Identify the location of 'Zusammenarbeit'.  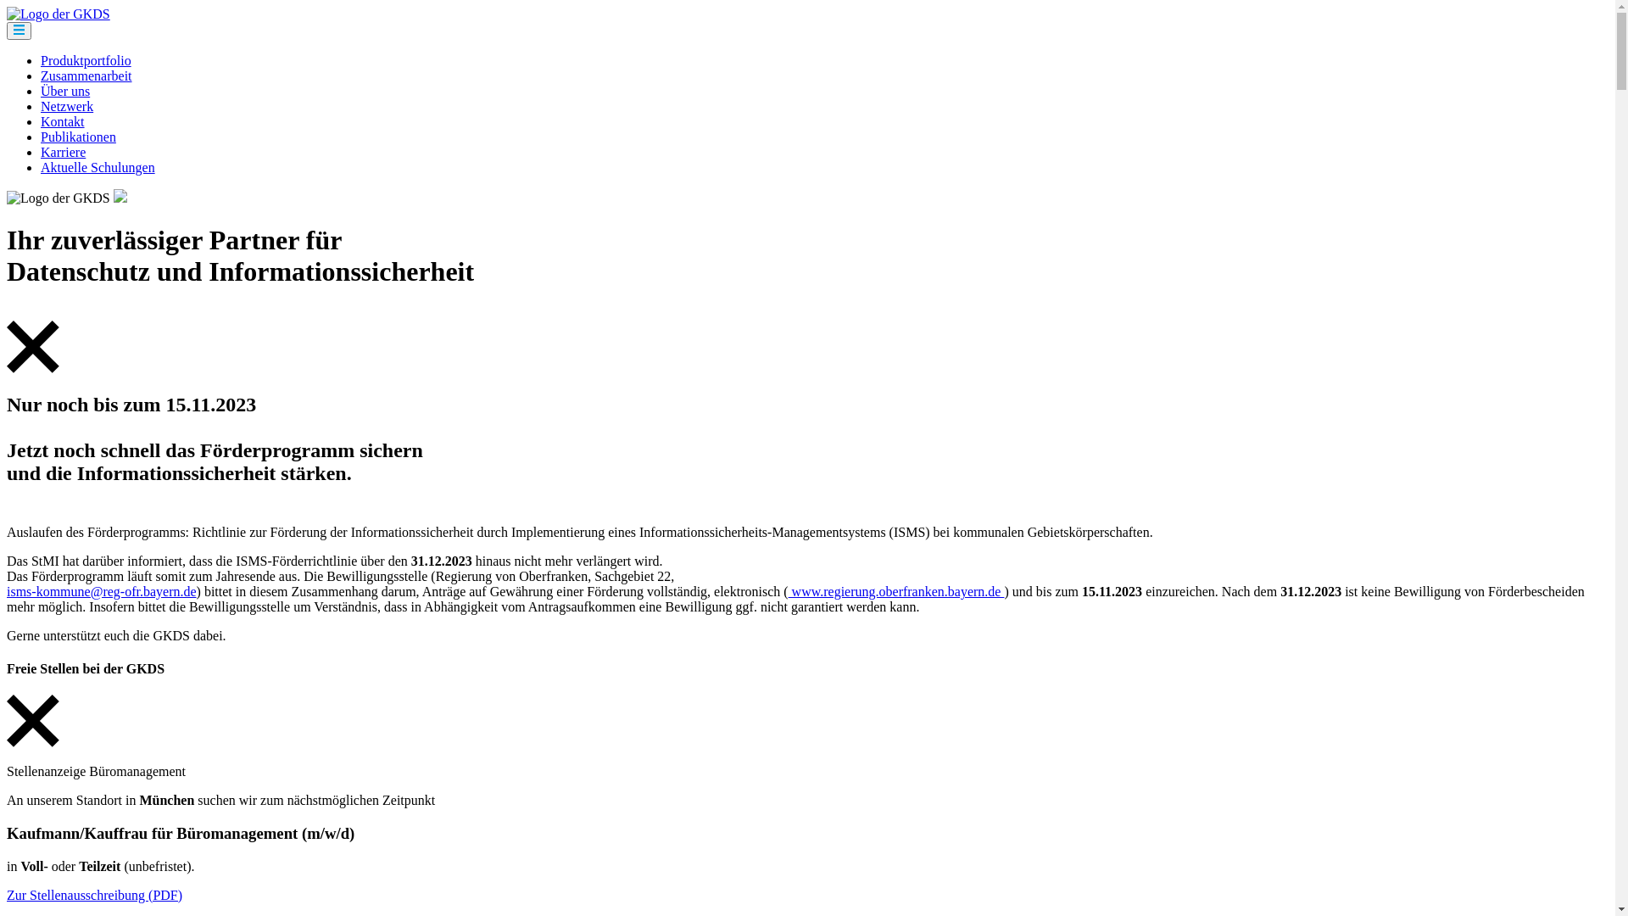
(41, 75).